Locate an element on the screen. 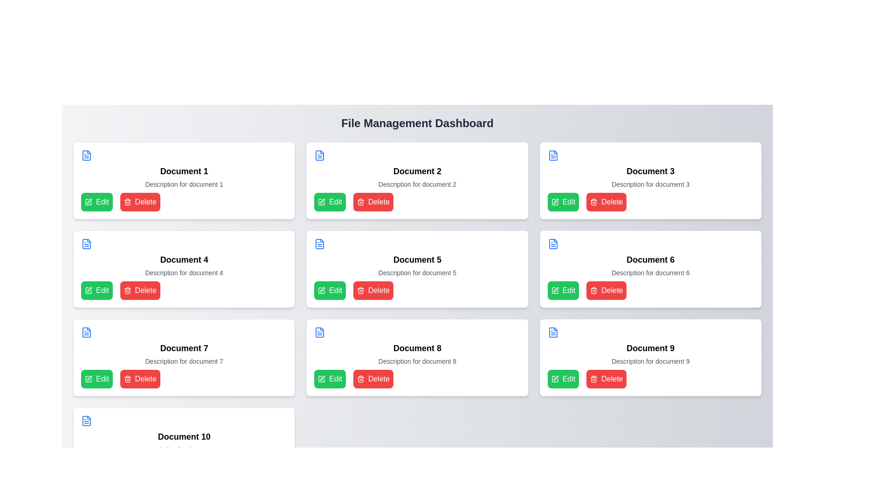 This screenshot has width=895, height=503. the text label containing 'Description for document 8' situated below the title 'Document 8' in the card with rounded corners is located at coordinates (417, 360).